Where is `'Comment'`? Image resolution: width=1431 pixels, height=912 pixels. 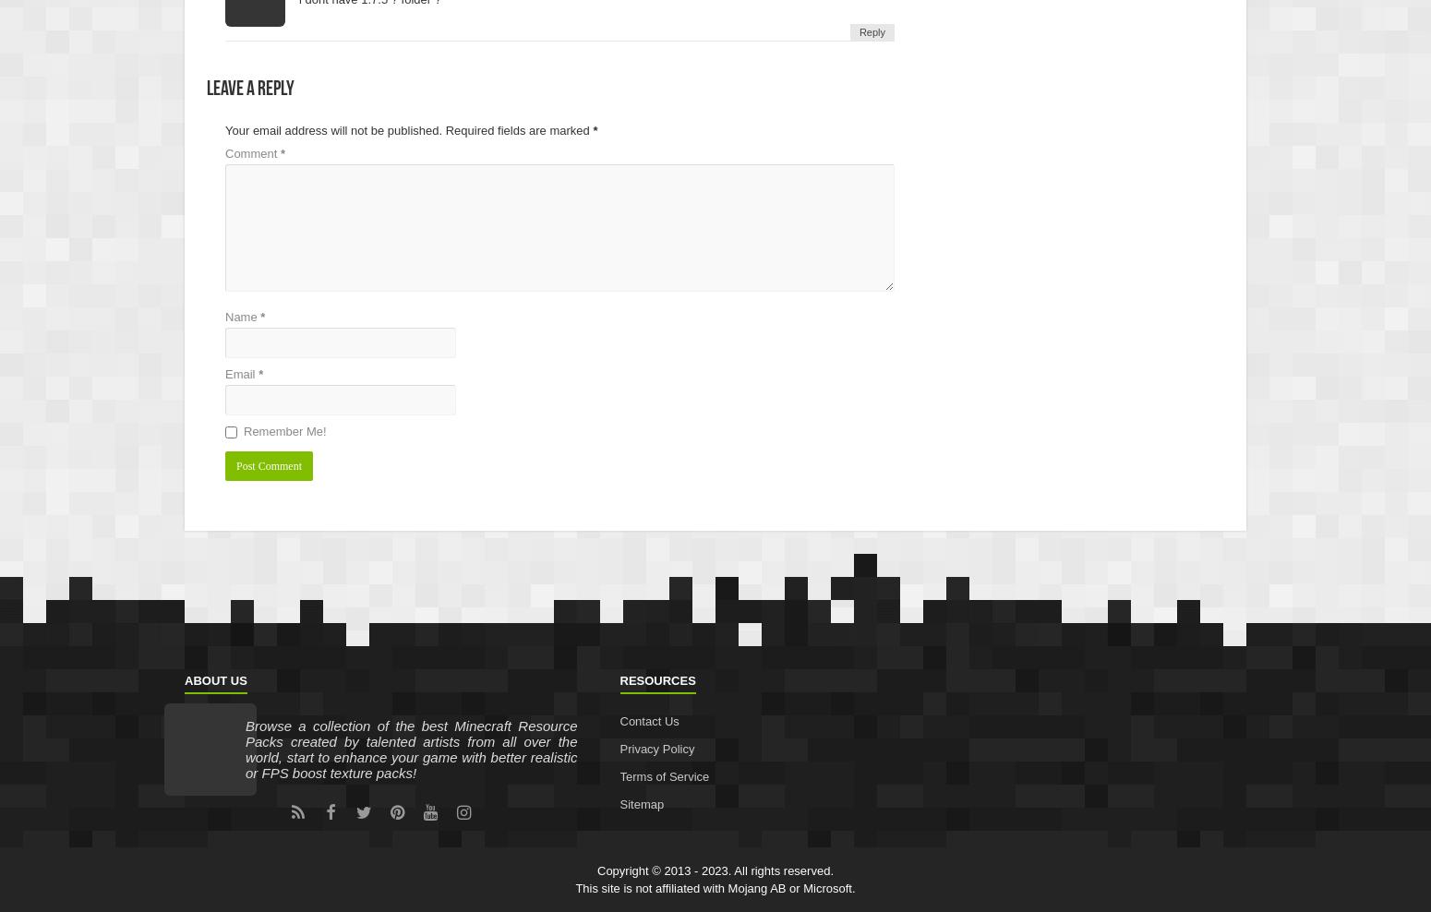
'Comment' is located at coordinates (252, 151).